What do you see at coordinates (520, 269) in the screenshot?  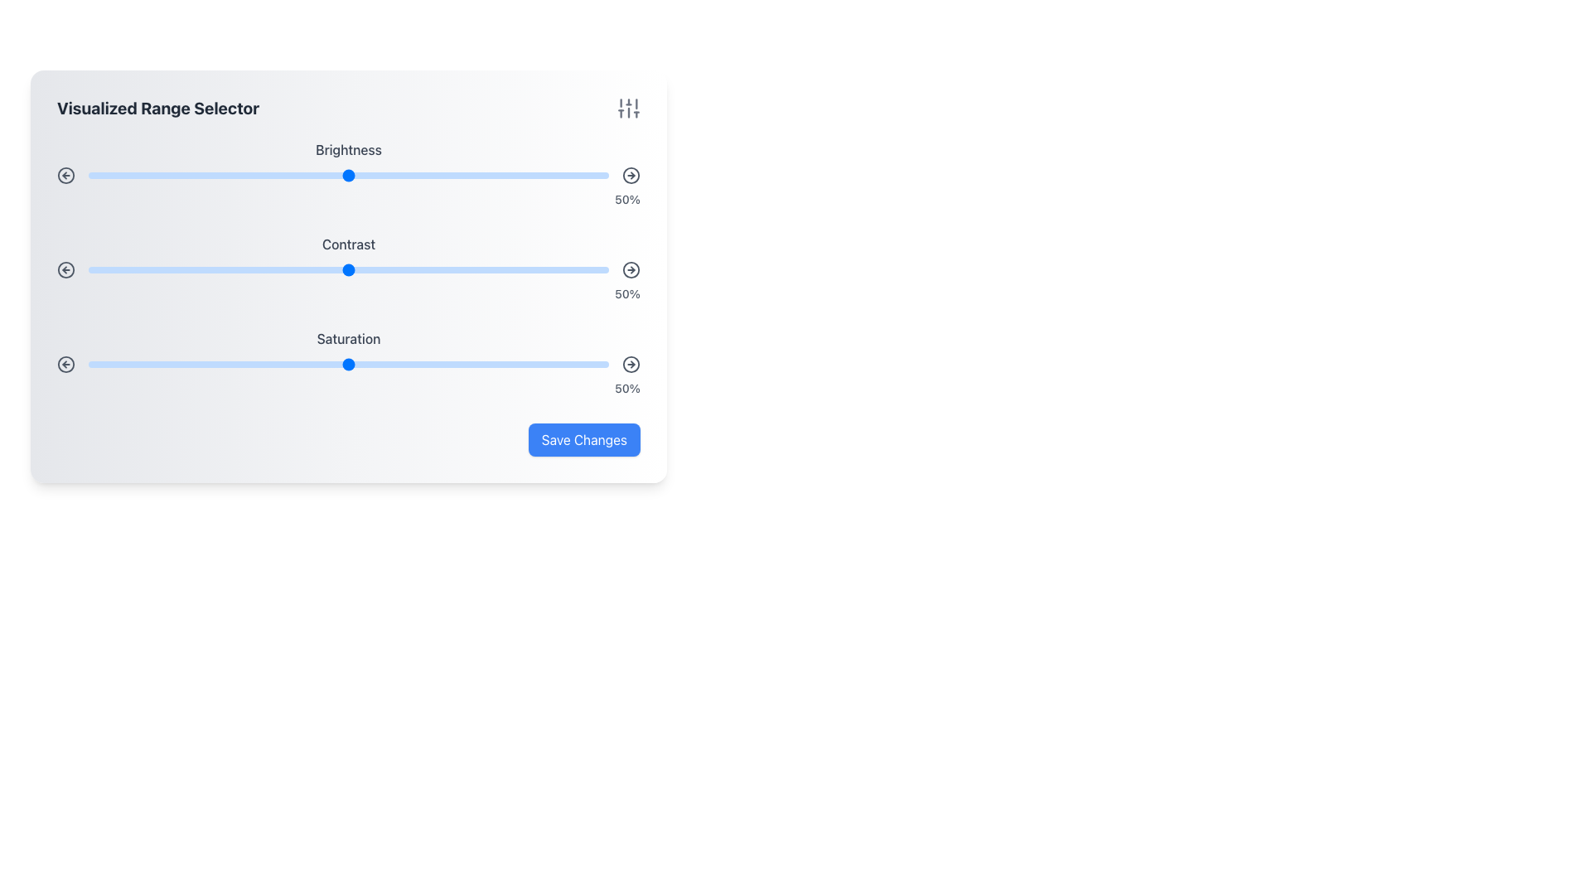 I see `the slider value` at bounding box center [520, 269].